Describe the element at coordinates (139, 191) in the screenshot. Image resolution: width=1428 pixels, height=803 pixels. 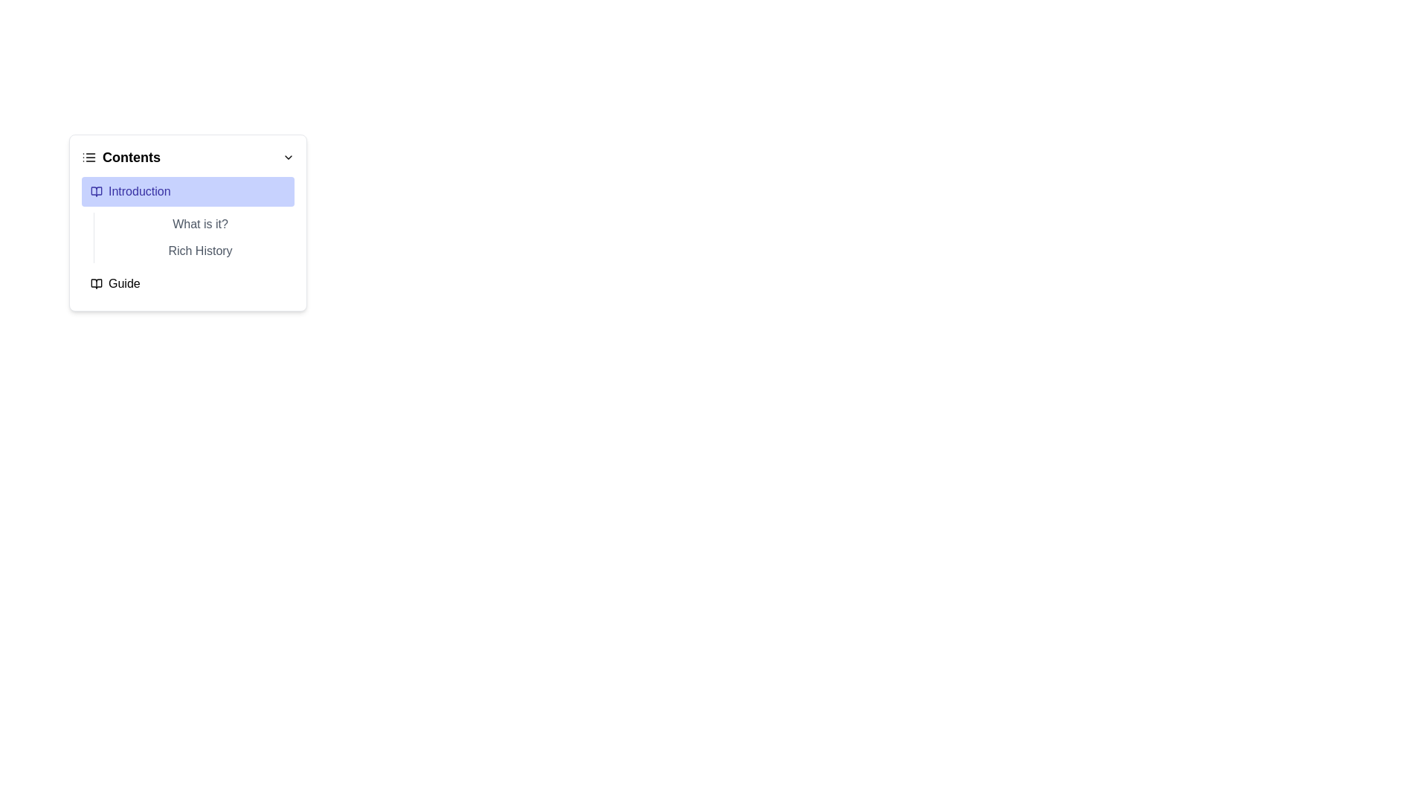
I see `the 'Introduction' text label in the sidebar menu` at that location.